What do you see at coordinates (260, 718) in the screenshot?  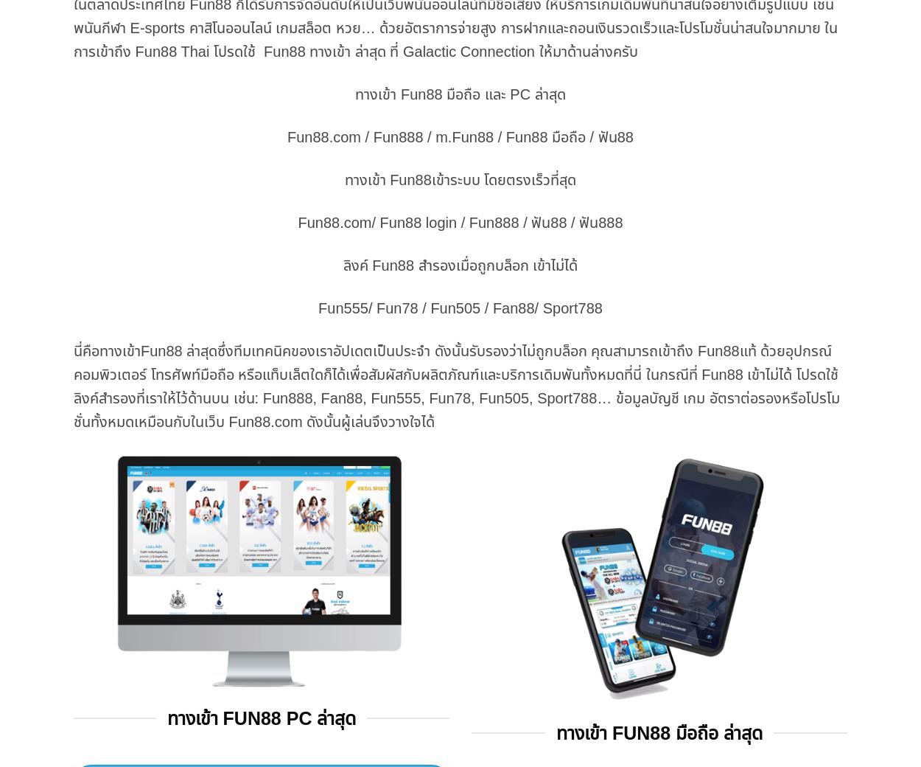 I see `'ทางเข้า Fun88 PC ล่าสุด'` at bounding box center [260, 718].